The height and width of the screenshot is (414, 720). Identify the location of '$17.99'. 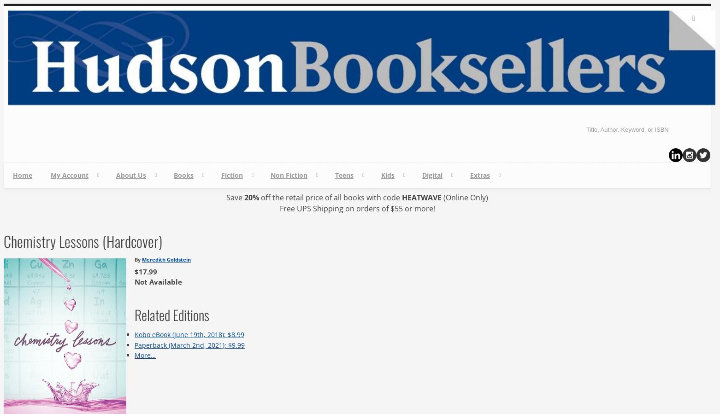
(146, 272).